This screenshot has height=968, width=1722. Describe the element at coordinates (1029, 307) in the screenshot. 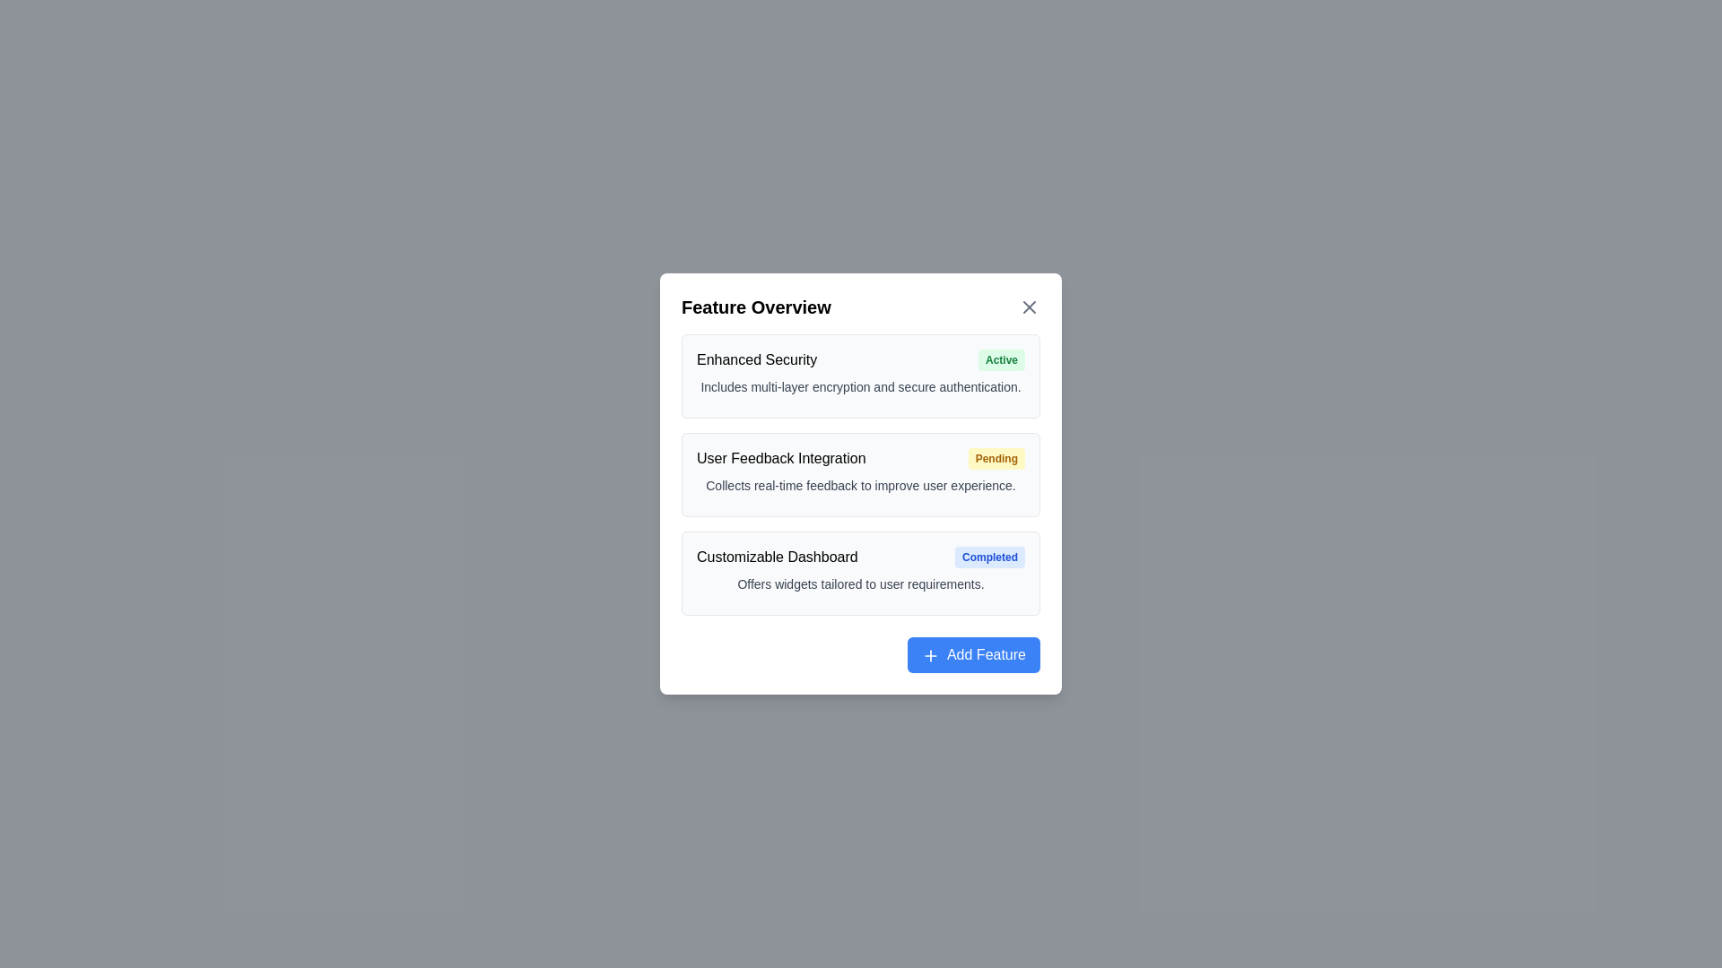

I see `the 'X' shaped close button in the top right corner of the 'Feature Overview' dialog box` at that location.